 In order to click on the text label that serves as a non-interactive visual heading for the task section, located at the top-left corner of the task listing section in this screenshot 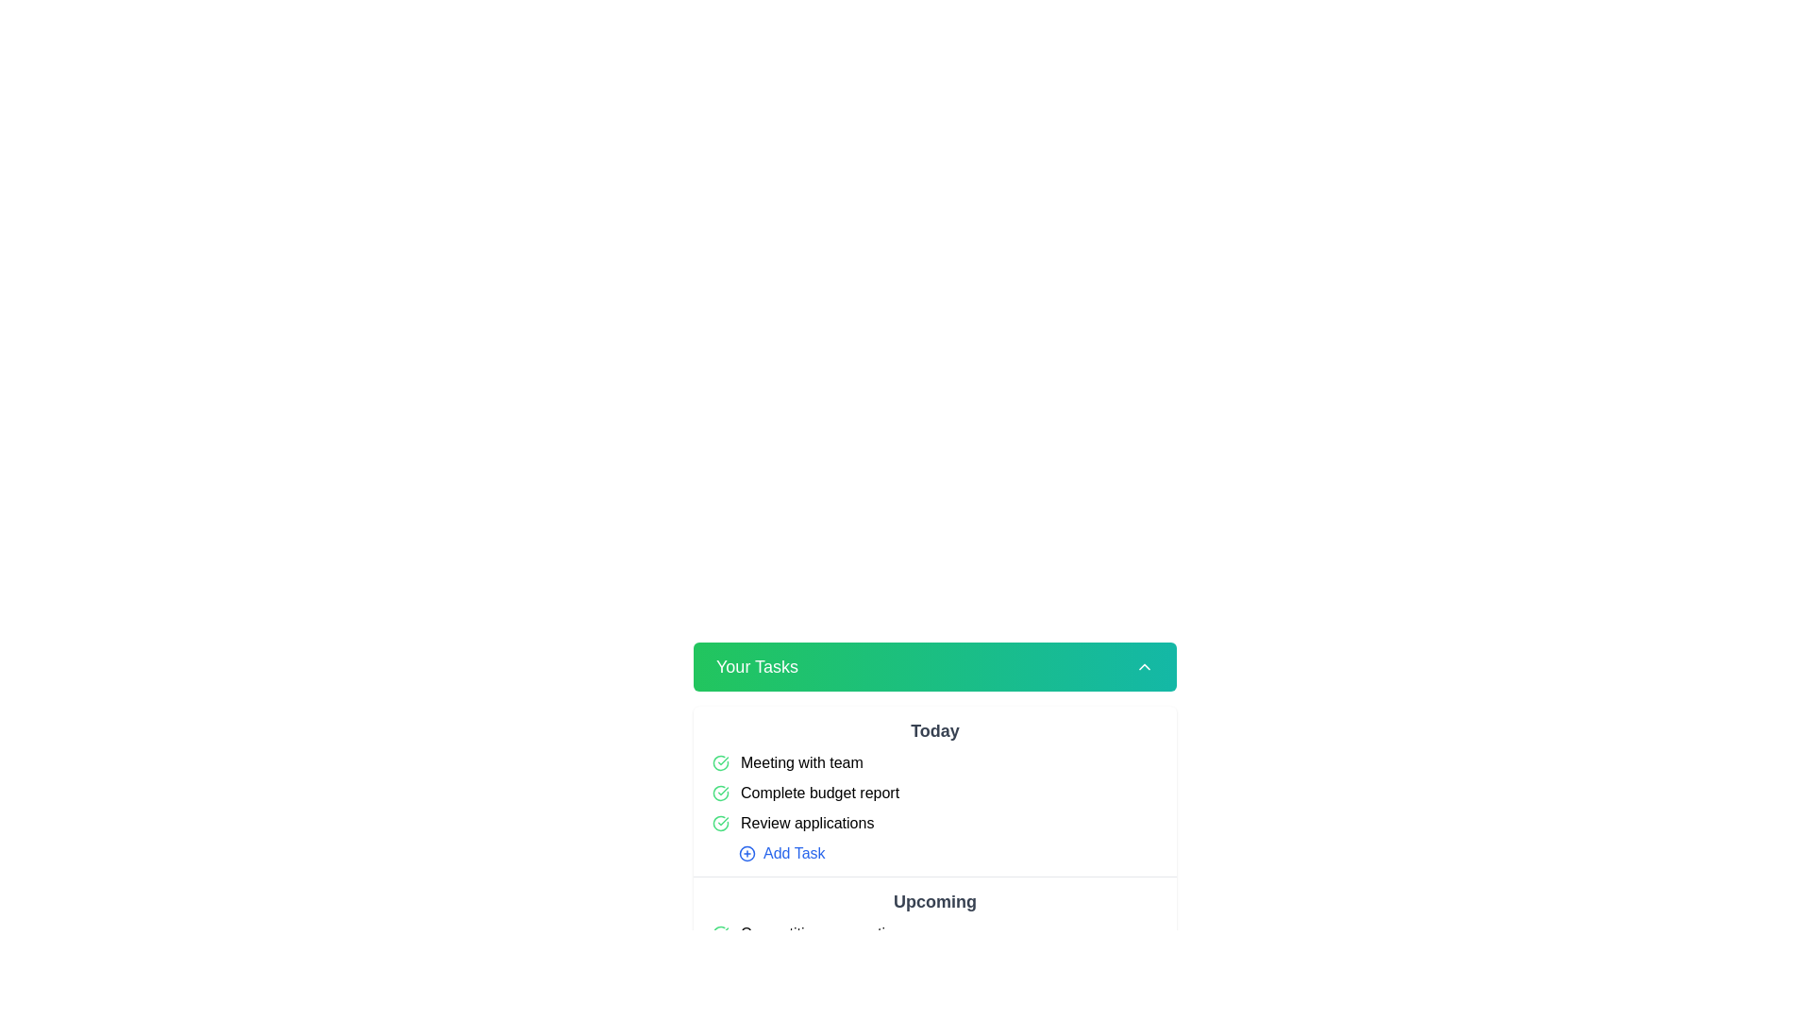, I will do `click(934, 730)`.